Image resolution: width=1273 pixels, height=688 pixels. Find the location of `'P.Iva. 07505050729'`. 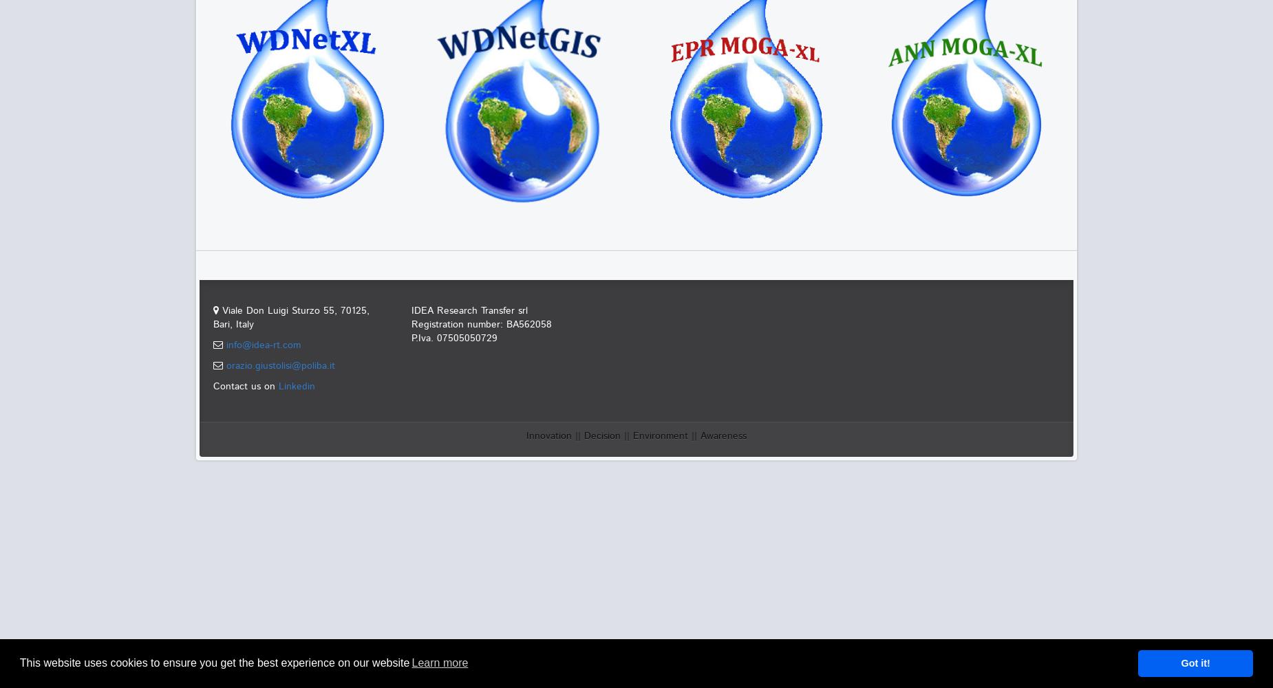

'P.Iva. 07505050729' is located at coordinates (453, 338).